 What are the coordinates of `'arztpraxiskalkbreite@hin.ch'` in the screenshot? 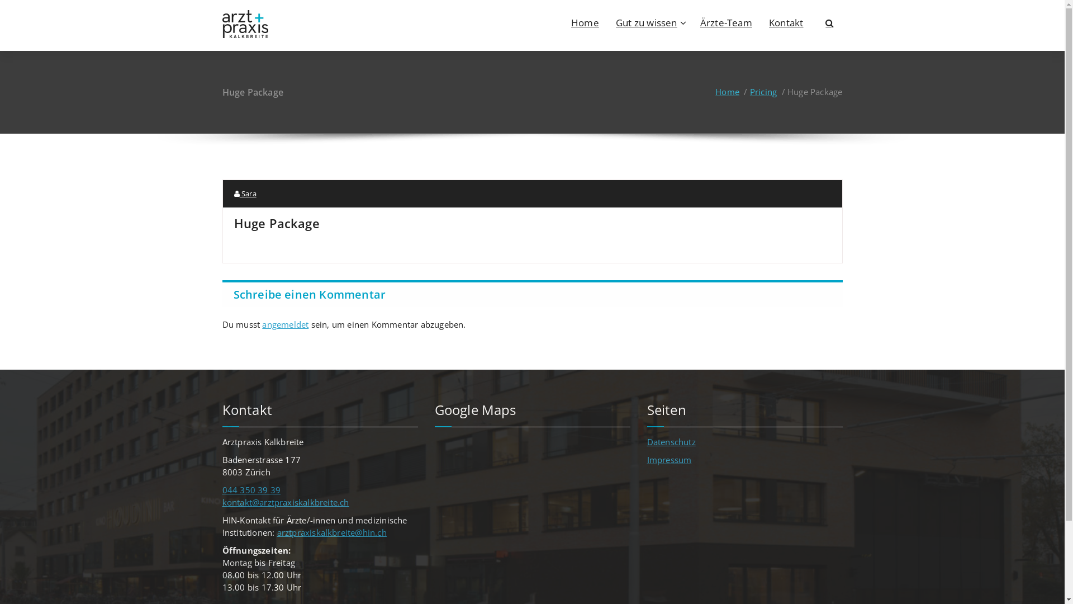 It's located at (331, 532).